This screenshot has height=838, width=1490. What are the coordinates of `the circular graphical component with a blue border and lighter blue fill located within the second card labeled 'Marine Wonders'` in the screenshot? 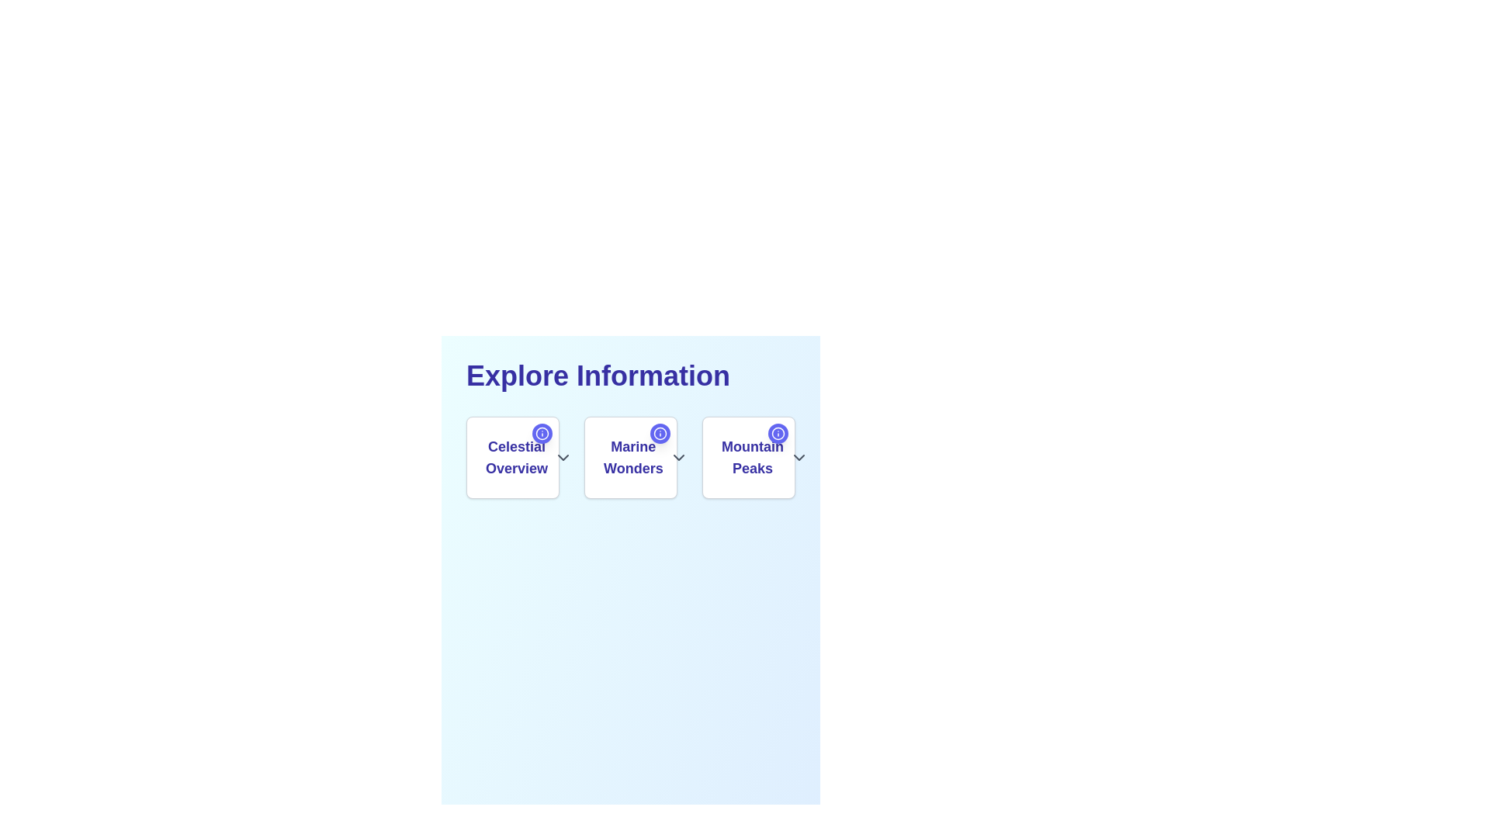 It's located at (660, 434).